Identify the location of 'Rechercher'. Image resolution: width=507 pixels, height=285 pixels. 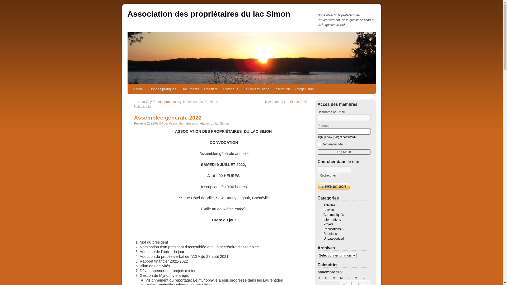
(317, 175).